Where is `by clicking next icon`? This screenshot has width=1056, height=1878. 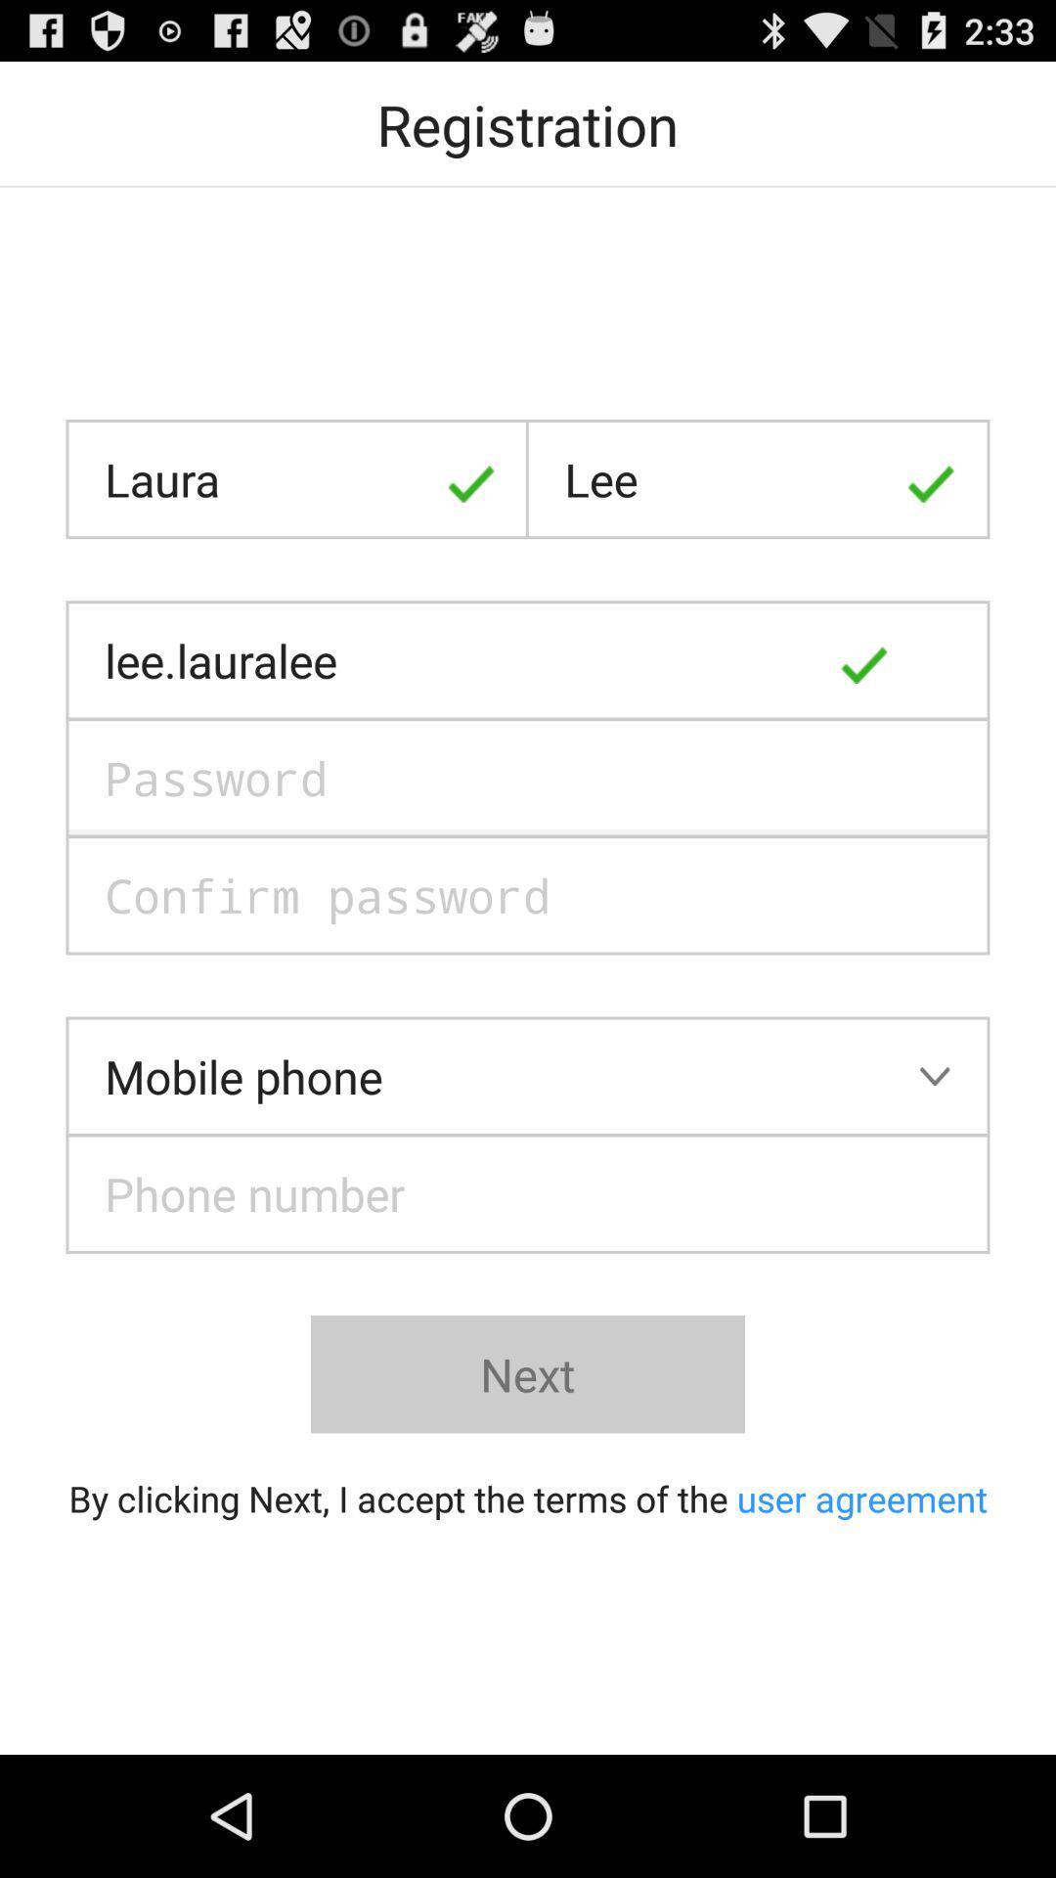
by clicking next icon is located at coordinates (528, 1498).